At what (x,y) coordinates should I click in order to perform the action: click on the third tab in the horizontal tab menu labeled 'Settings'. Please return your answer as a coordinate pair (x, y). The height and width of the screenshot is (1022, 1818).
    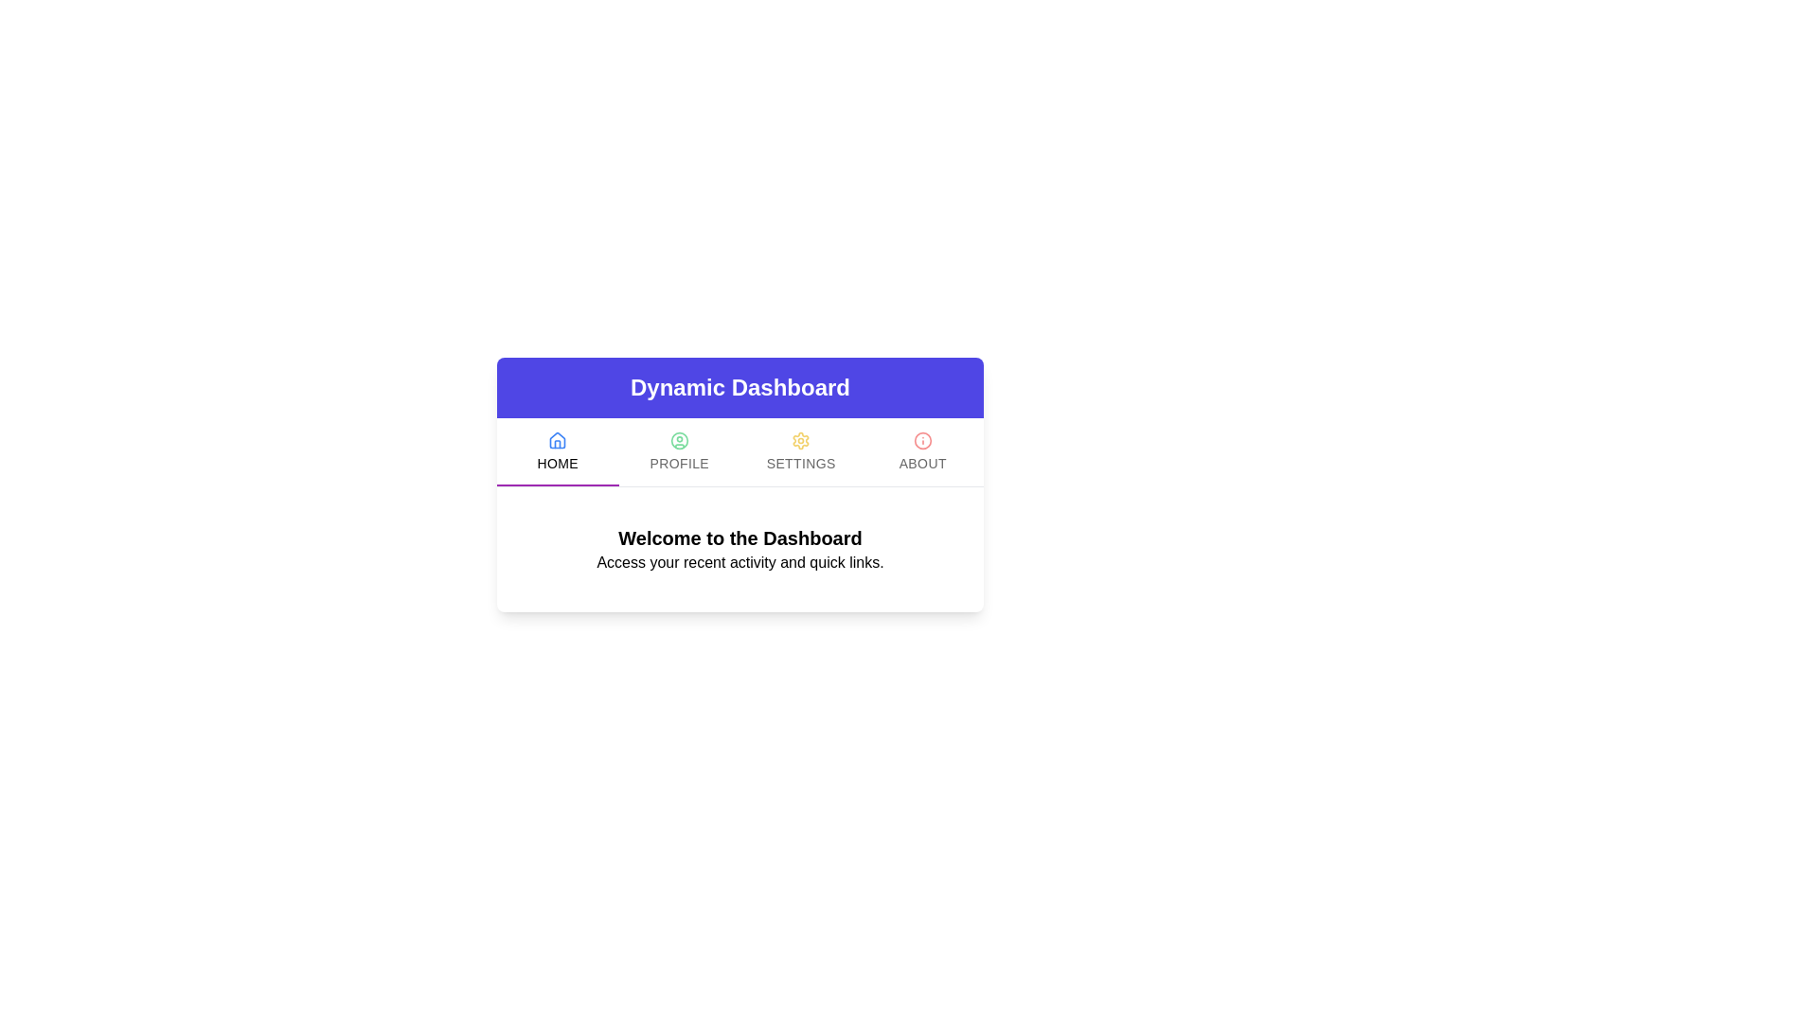
    Looking at the image, I should click on (801, 452).